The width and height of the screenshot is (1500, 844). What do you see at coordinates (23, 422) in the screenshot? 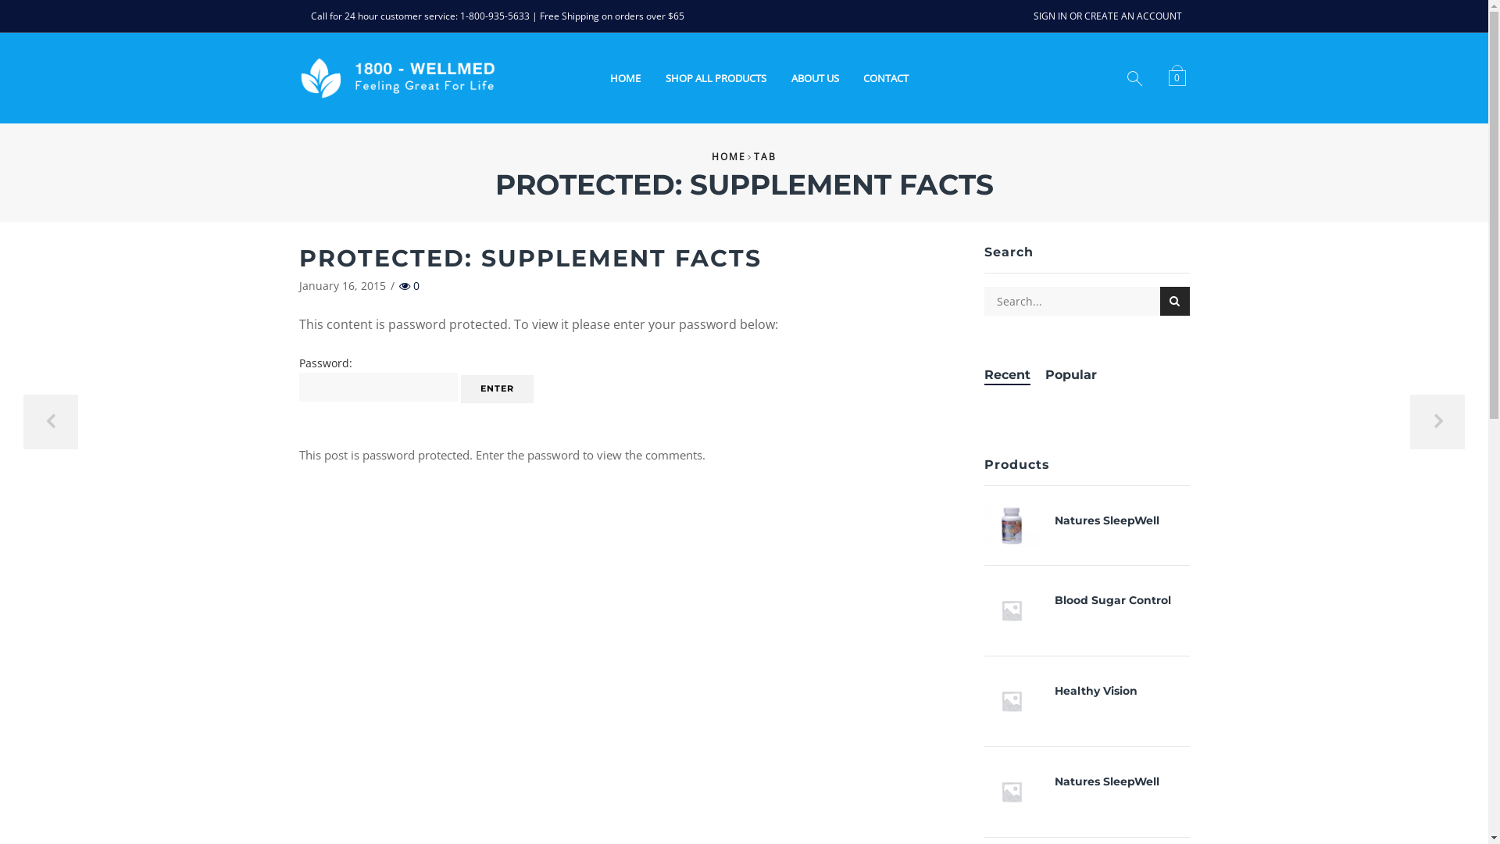
I see `'PREVIOUS'` at bounding box center [23, 422].